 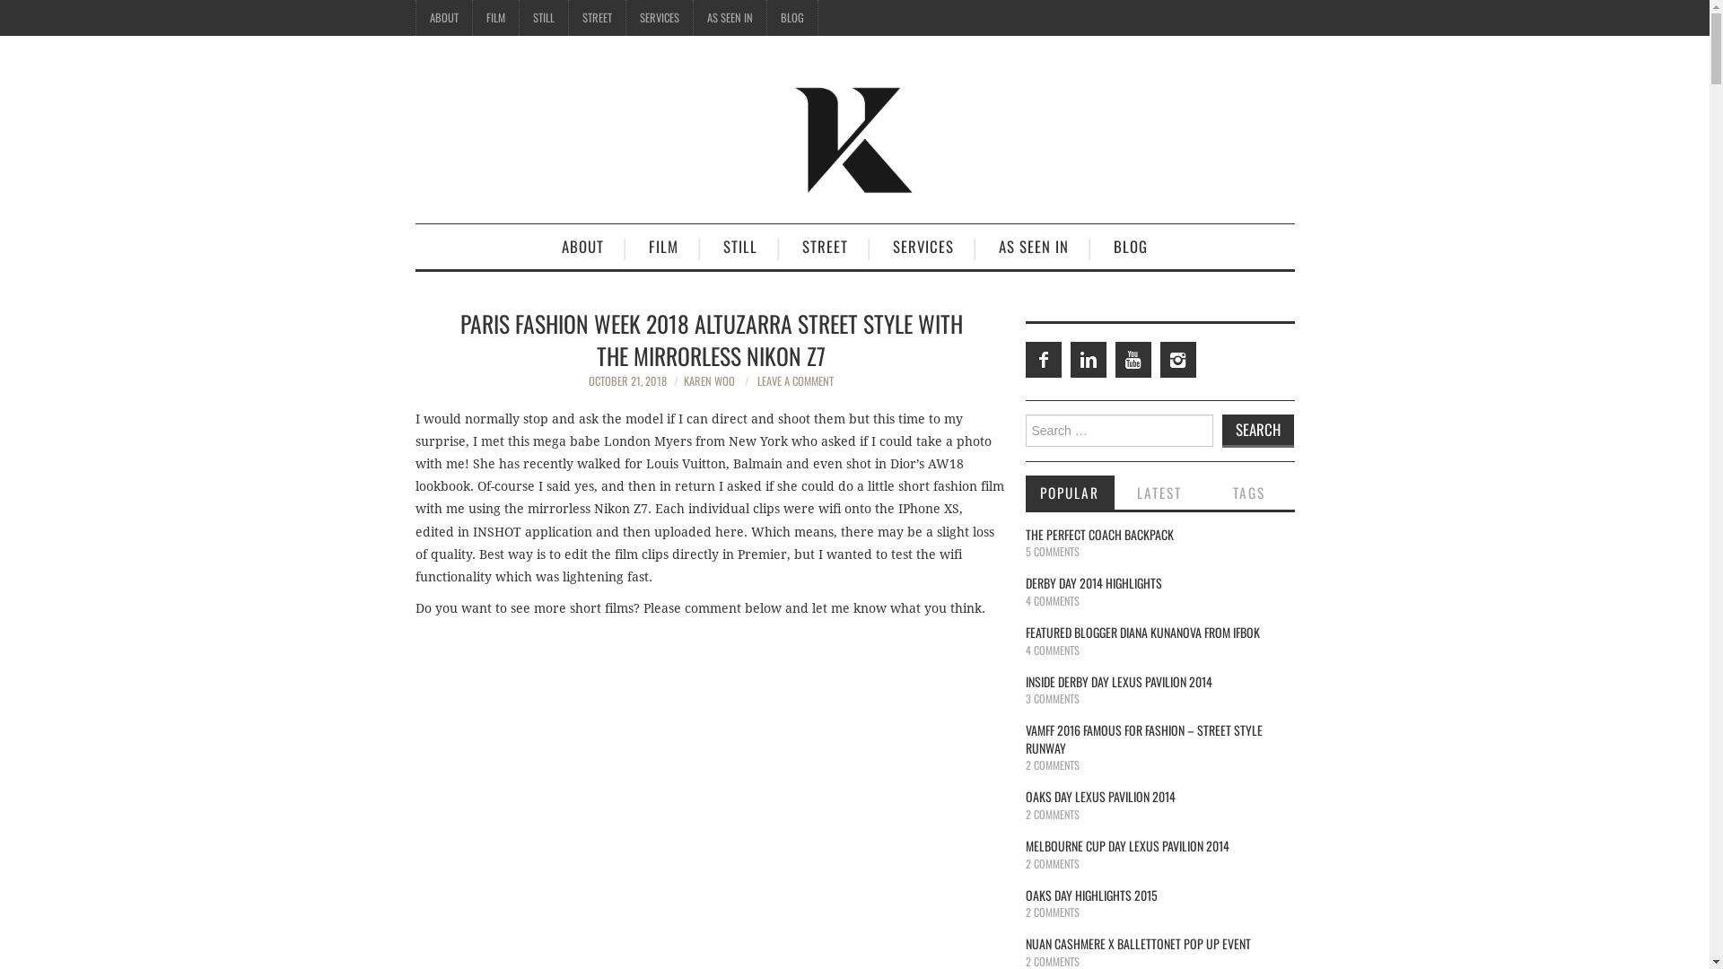 What do you see at coordinates (1141, 631) in the screenshot?
I see `'FEATURED BLOGGER DIANA KUNANOVA FROM IFBOK'` at bounding box center [1141, 631].